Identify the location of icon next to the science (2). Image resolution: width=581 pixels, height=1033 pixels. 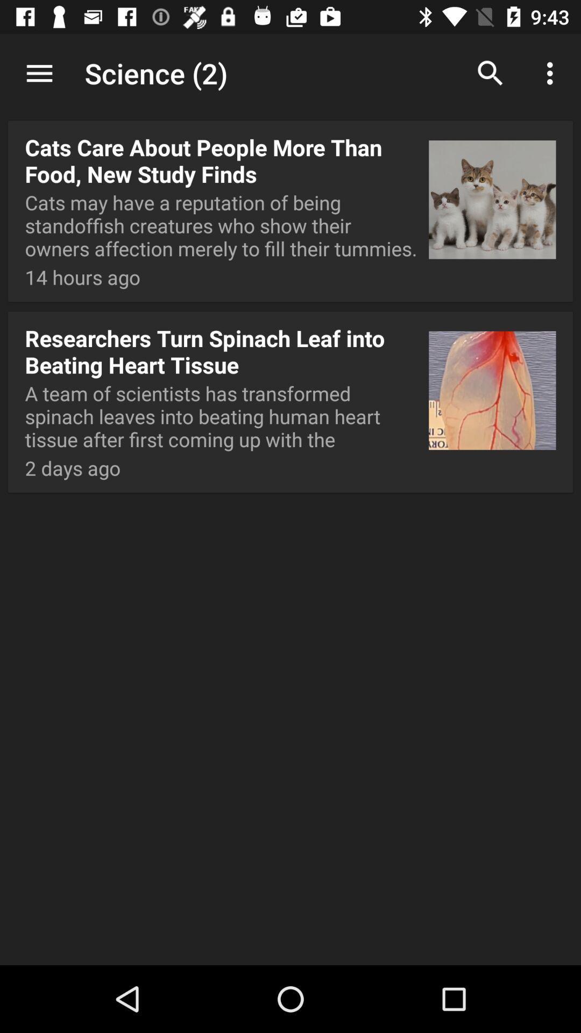
(490, 73).